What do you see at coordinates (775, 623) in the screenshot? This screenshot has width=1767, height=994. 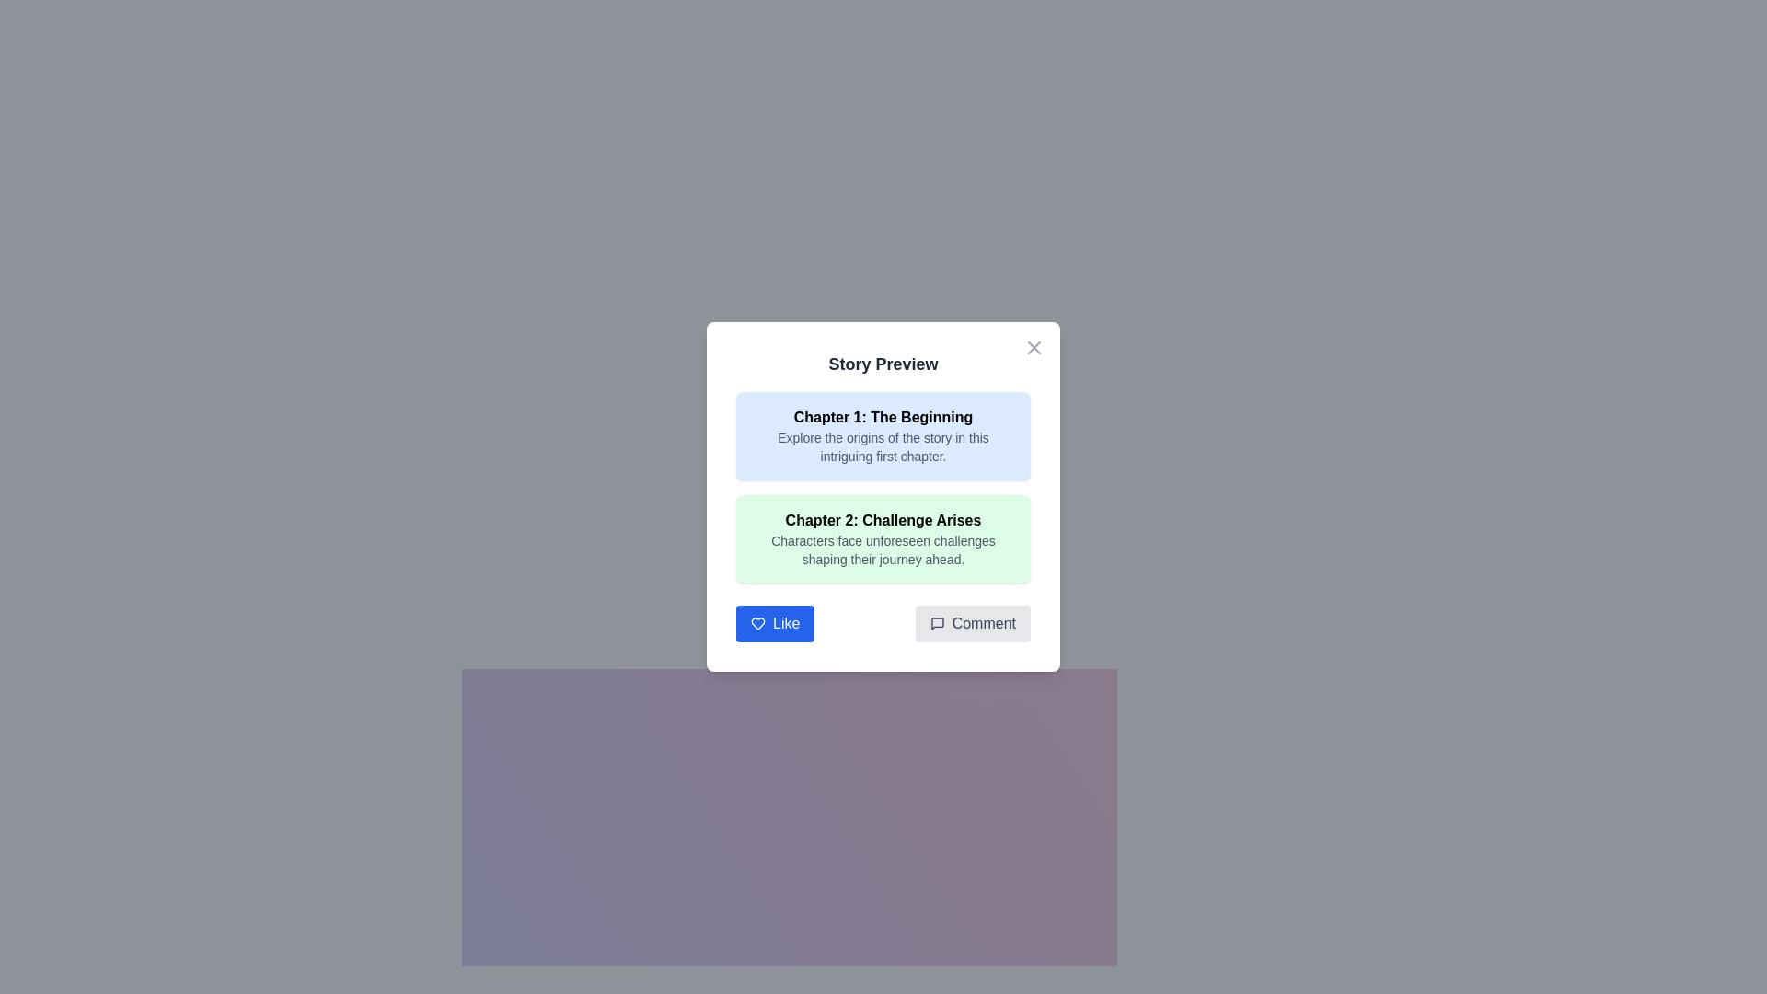 I see `the 'Like' button with a heart icon located in the footer section of the 'Story Preview' dialog` at bounding box center [775, 623].